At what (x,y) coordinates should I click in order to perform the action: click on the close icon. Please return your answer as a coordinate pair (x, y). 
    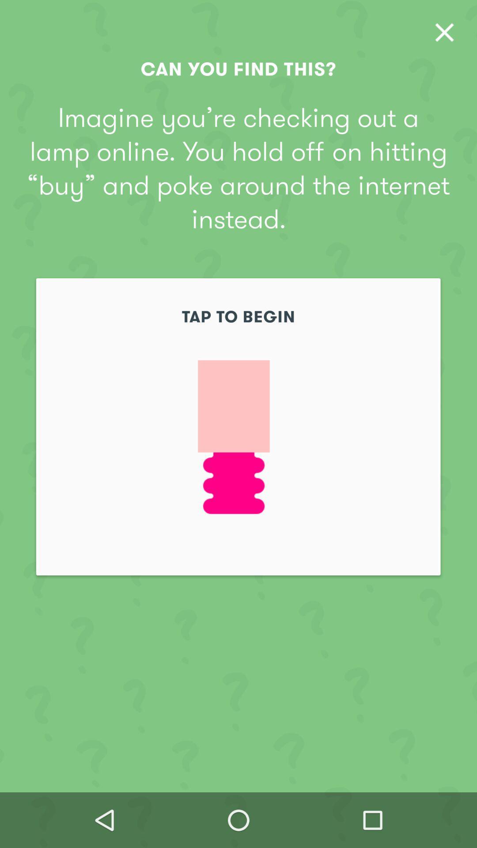
    Looking at the image, I should click on (444, 32).